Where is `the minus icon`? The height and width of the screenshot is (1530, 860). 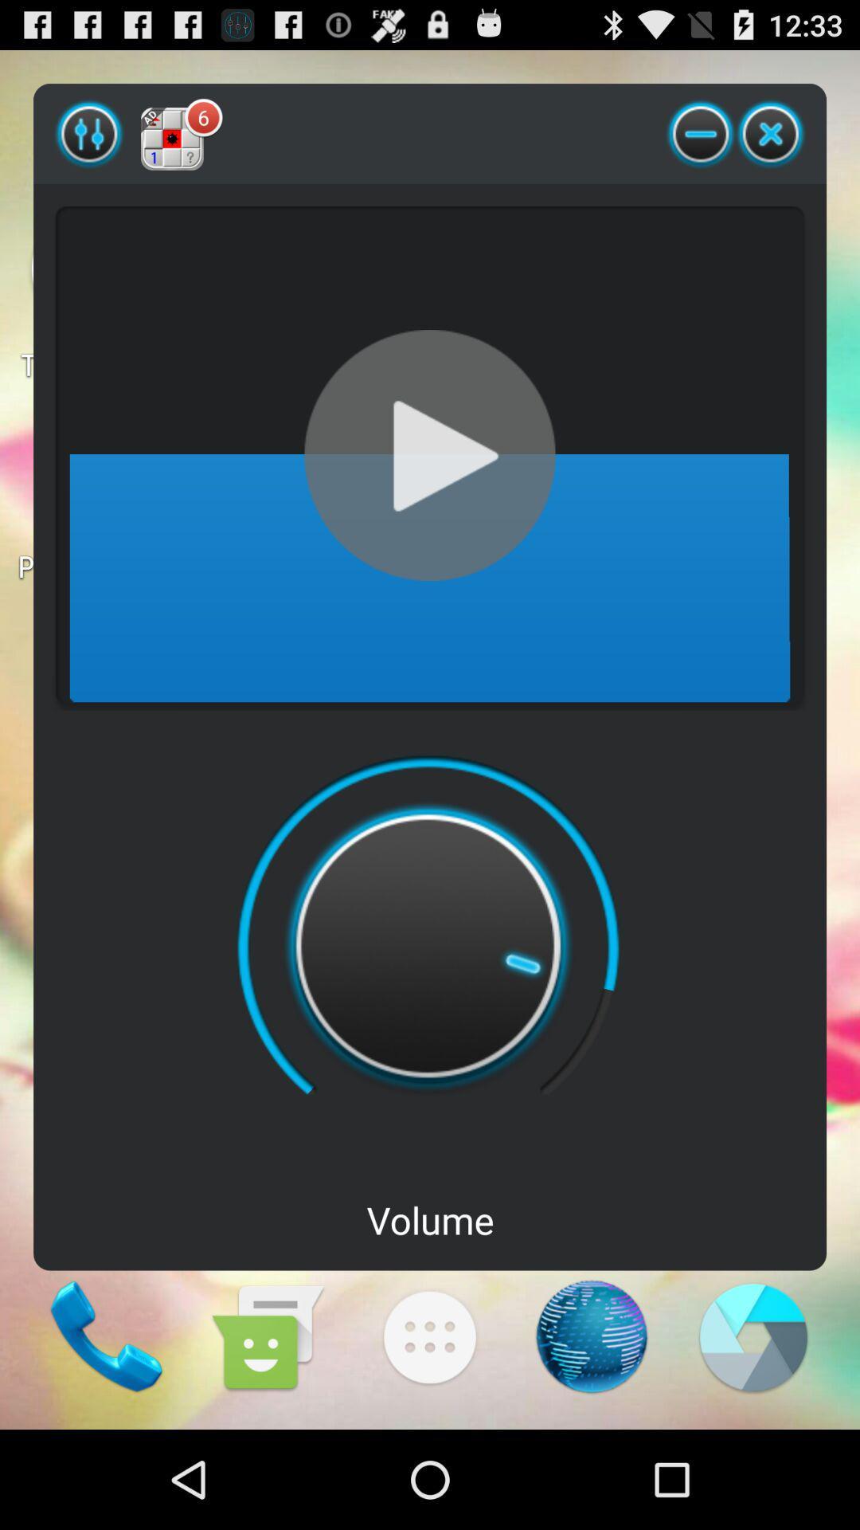
the minus icon is located at coordinates (700, 143).